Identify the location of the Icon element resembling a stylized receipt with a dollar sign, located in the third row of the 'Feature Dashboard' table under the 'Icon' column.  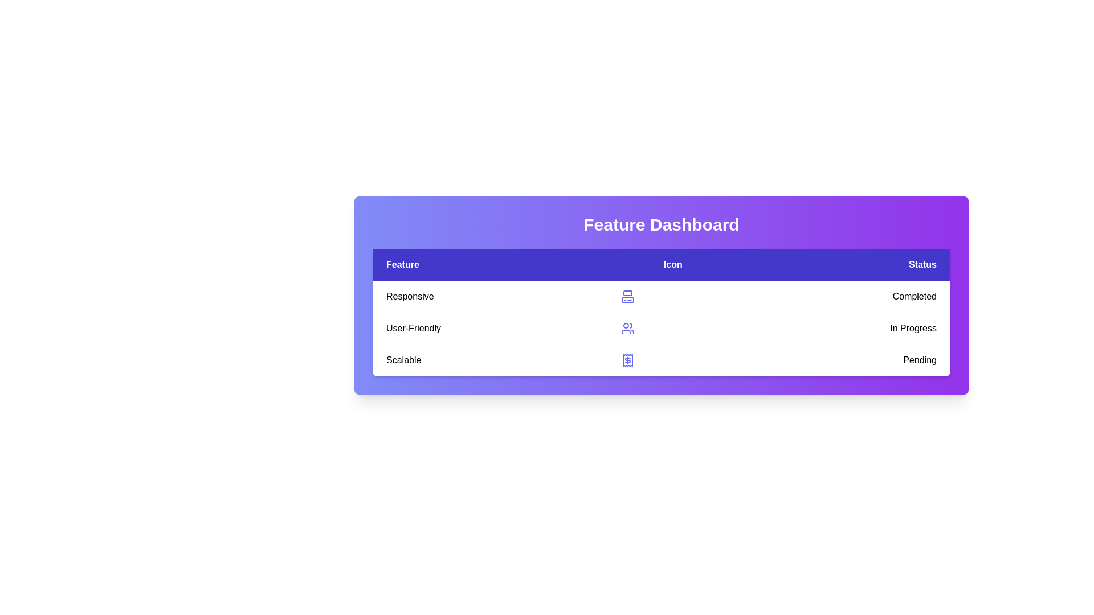
(627, 360).